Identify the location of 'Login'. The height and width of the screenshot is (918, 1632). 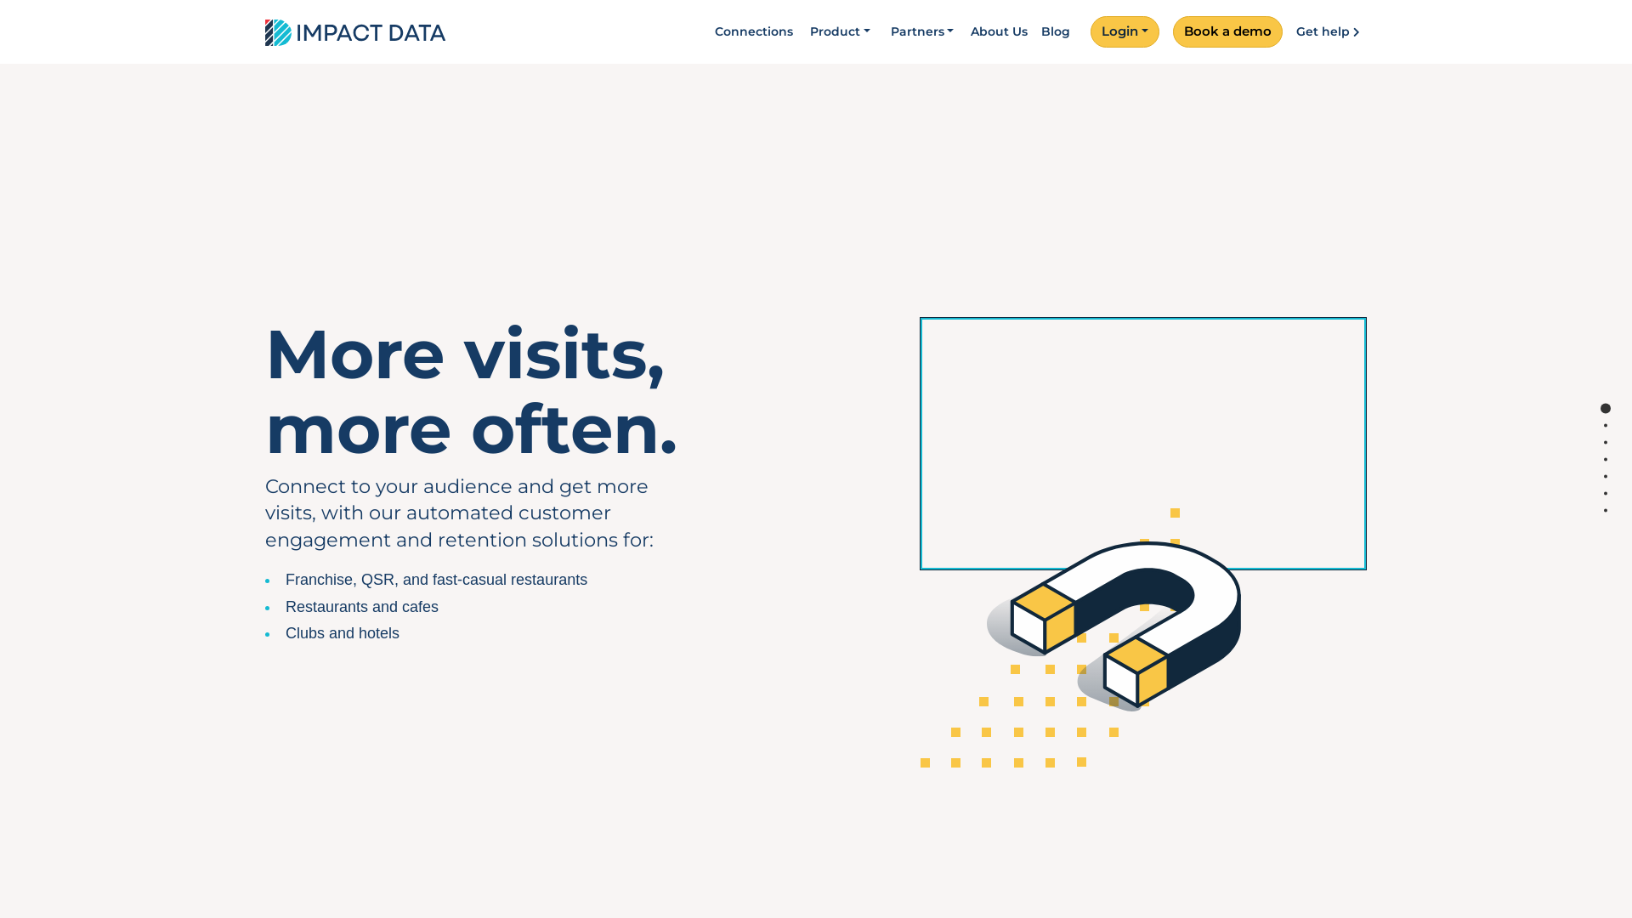
(1094, 31).